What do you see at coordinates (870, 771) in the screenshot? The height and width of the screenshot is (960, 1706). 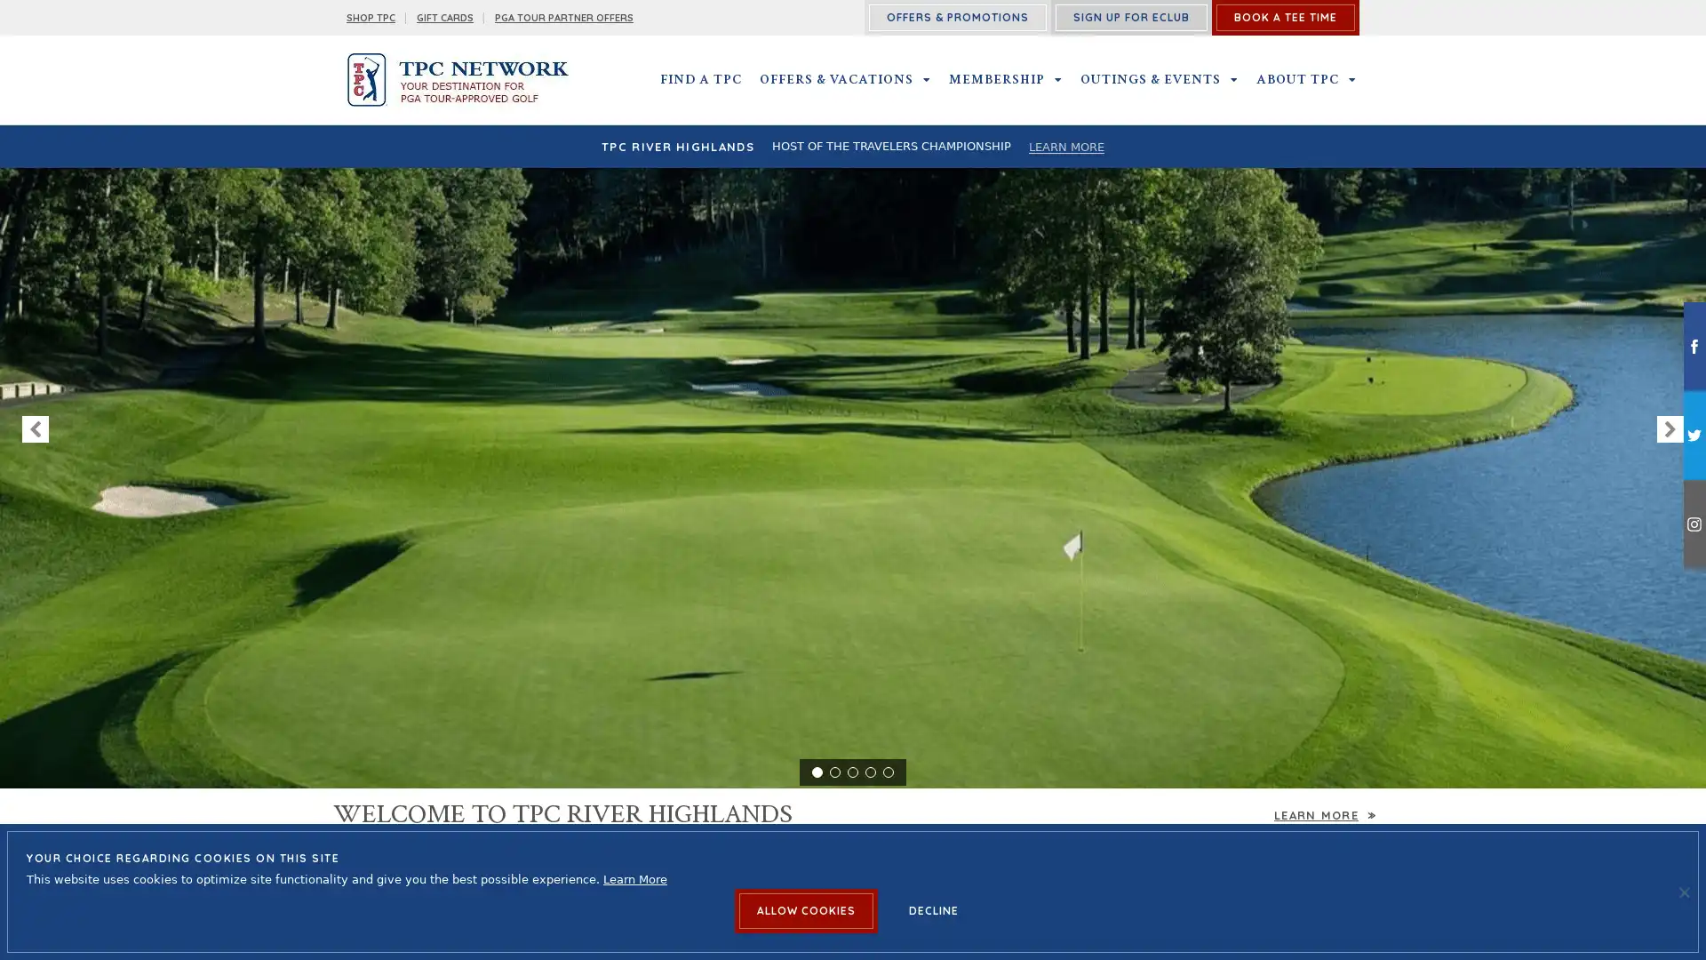 I see `4 of 5` at bounding box center [870, 771].